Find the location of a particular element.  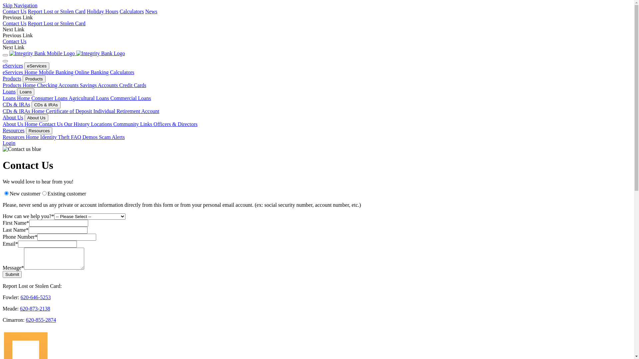

'Community Links' is located at coordinates (133, 124).